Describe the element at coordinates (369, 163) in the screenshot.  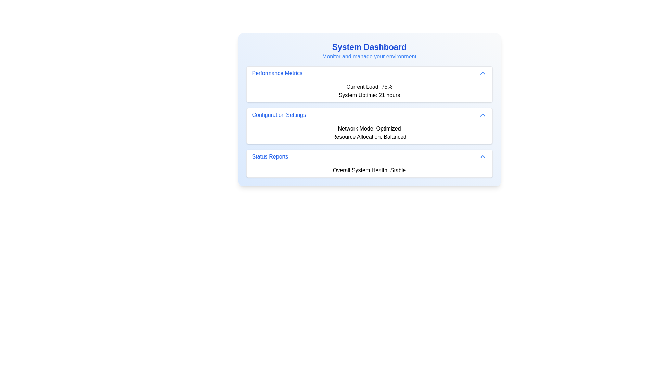
I see `the third Collapsible Card in the vertical list` at that location.